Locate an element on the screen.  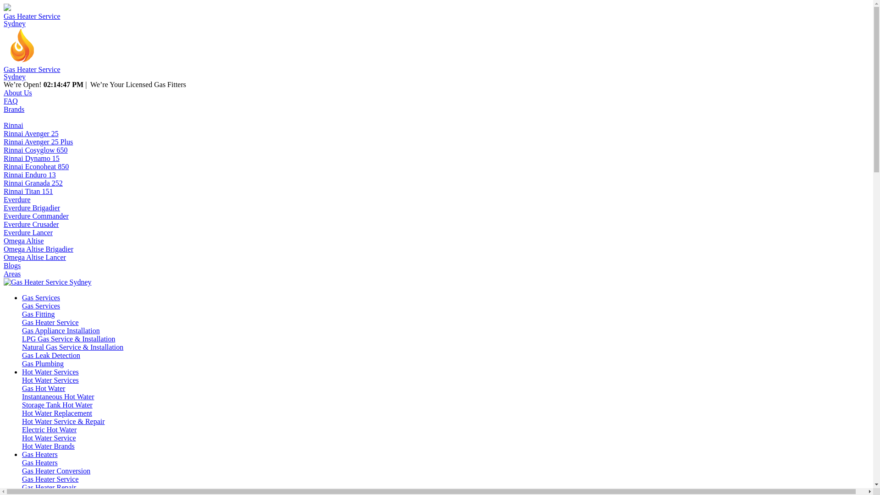
'Everdure' is located at coordinates (17, 199).